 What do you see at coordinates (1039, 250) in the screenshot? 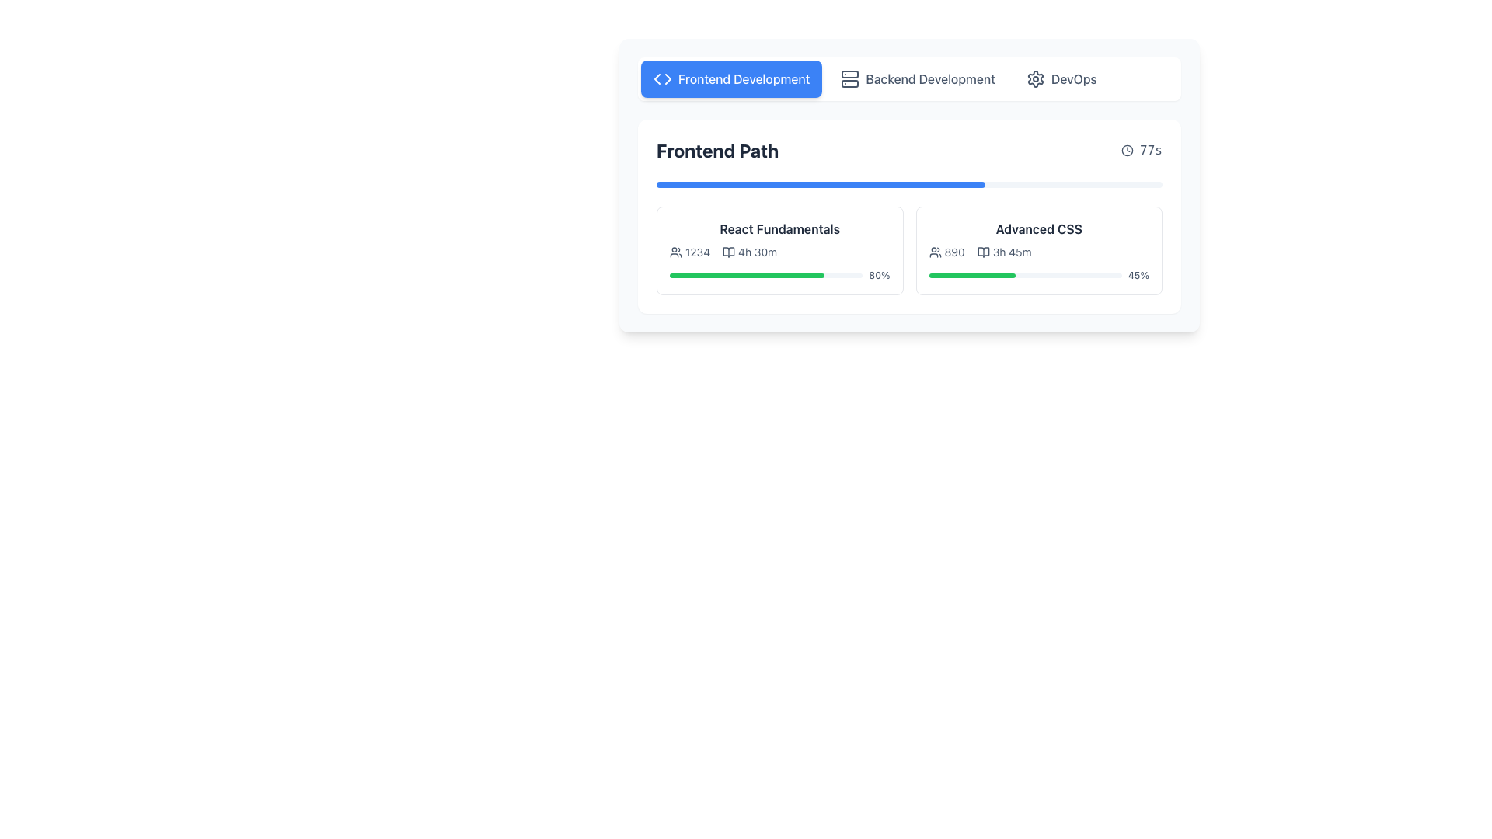
I see `information presented on the 'Advanced CSS' course card with progress tracker, which is the second item in a two-column grid layout on the right-hand side, adjacent to the 'React Fundamentals' card` at bounding box center [1039, 250].